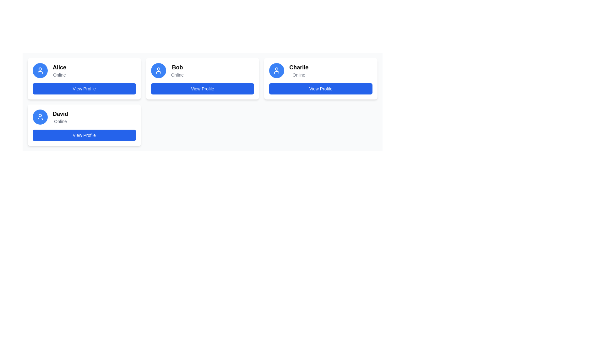  What do you see at coordinates (84, 89) in the screenshot?
I see `the blue rectangular button labeled 'View Profile' at the bottom of Alice's profile card` at bounding box center [84, 89].